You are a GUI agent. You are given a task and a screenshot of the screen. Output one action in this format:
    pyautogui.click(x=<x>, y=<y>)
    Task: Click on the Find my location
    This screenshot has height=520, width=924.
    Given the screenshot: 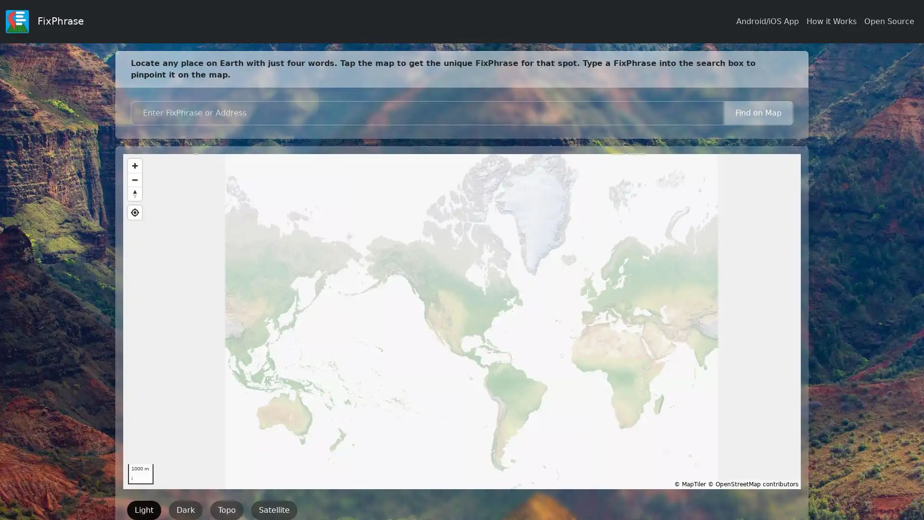 What is the action you would take?
    pyautogui.click(x=134, y=212)
    